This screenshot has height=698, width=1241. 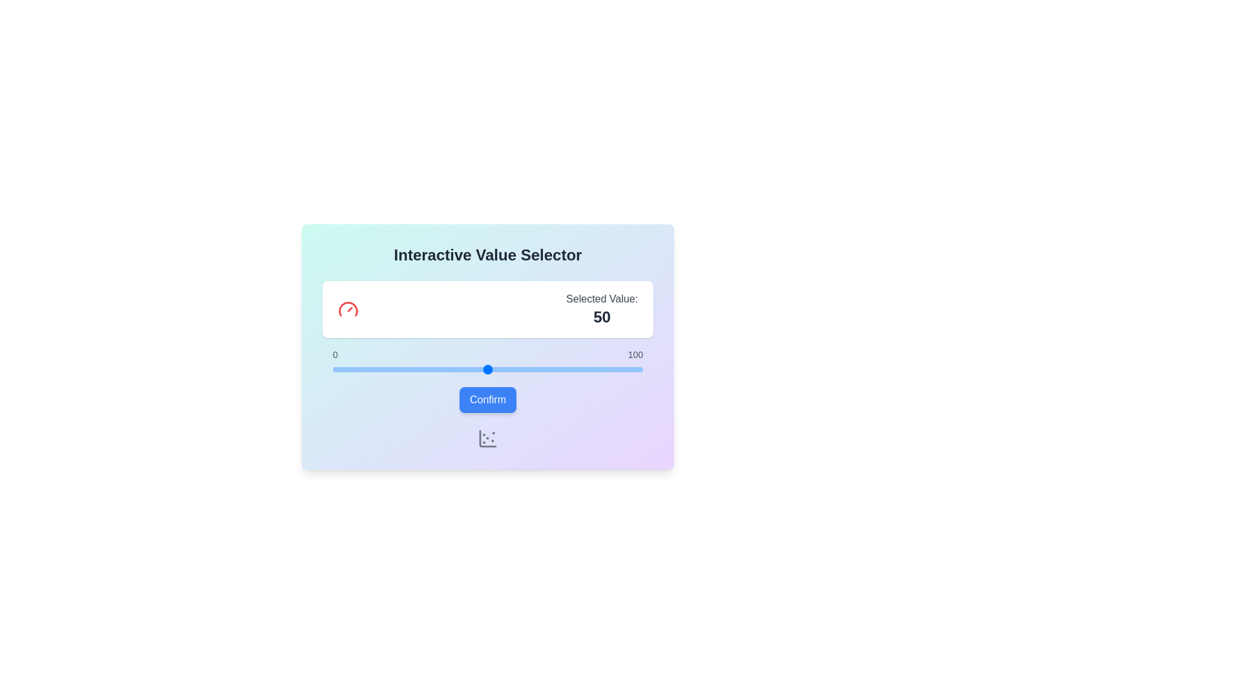 What do you see at coordinates (627, 369) in the screenshot?
I see `the slider to set the value to 95` at bounding box center [627, 369].